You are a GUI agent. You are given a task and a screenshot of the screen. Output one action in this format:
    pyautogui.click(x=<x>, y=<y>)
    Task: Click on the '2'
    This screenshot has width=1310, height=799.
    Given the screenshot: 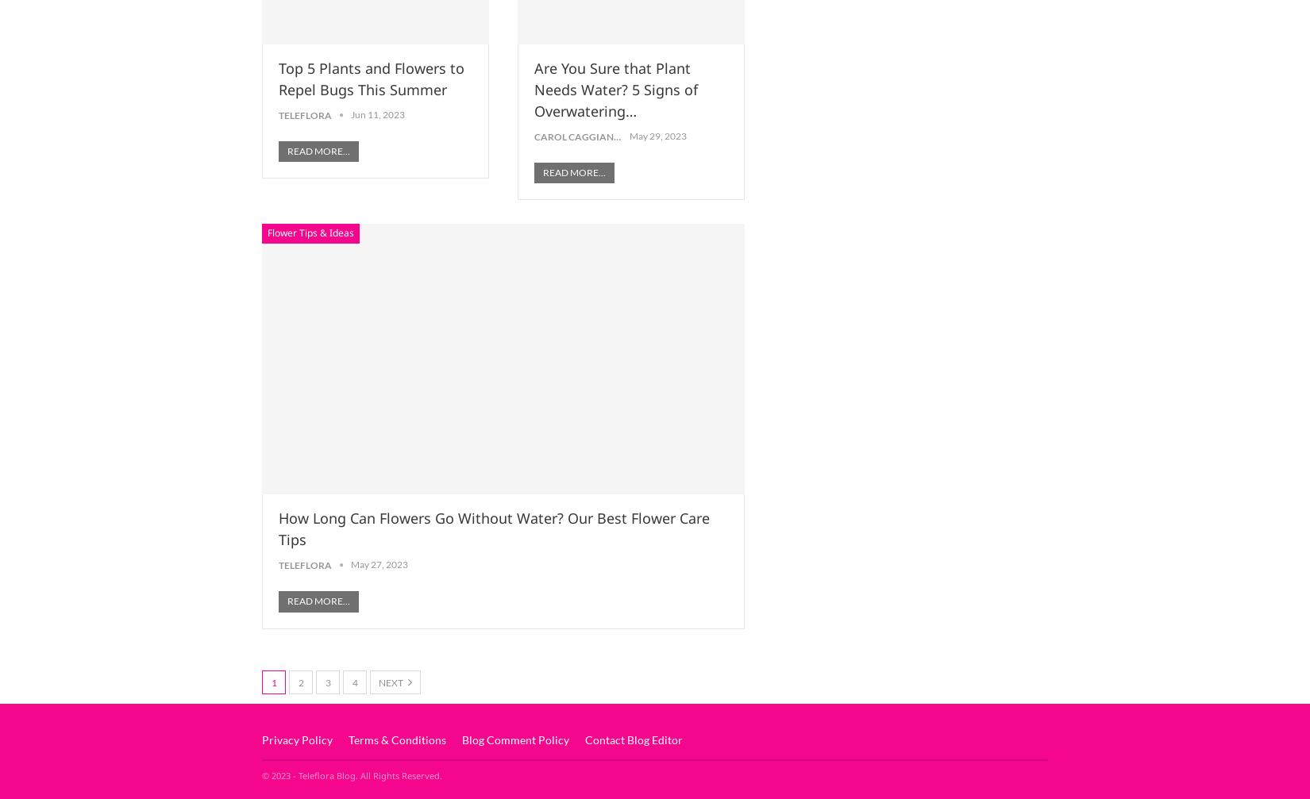 What is the action you would take?
    pyautogui.click(x=300, y=681)
    